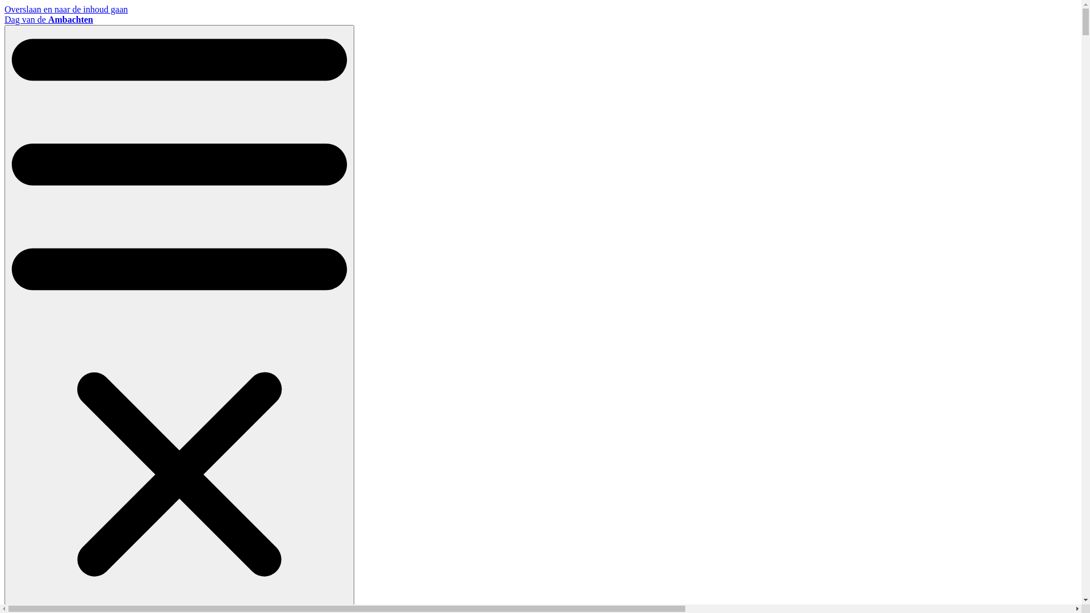  What do you see at coordinates (48, 19) in the screenshot?
I see `'Dag van de Ambachten'` at bounding box center [48, 19].